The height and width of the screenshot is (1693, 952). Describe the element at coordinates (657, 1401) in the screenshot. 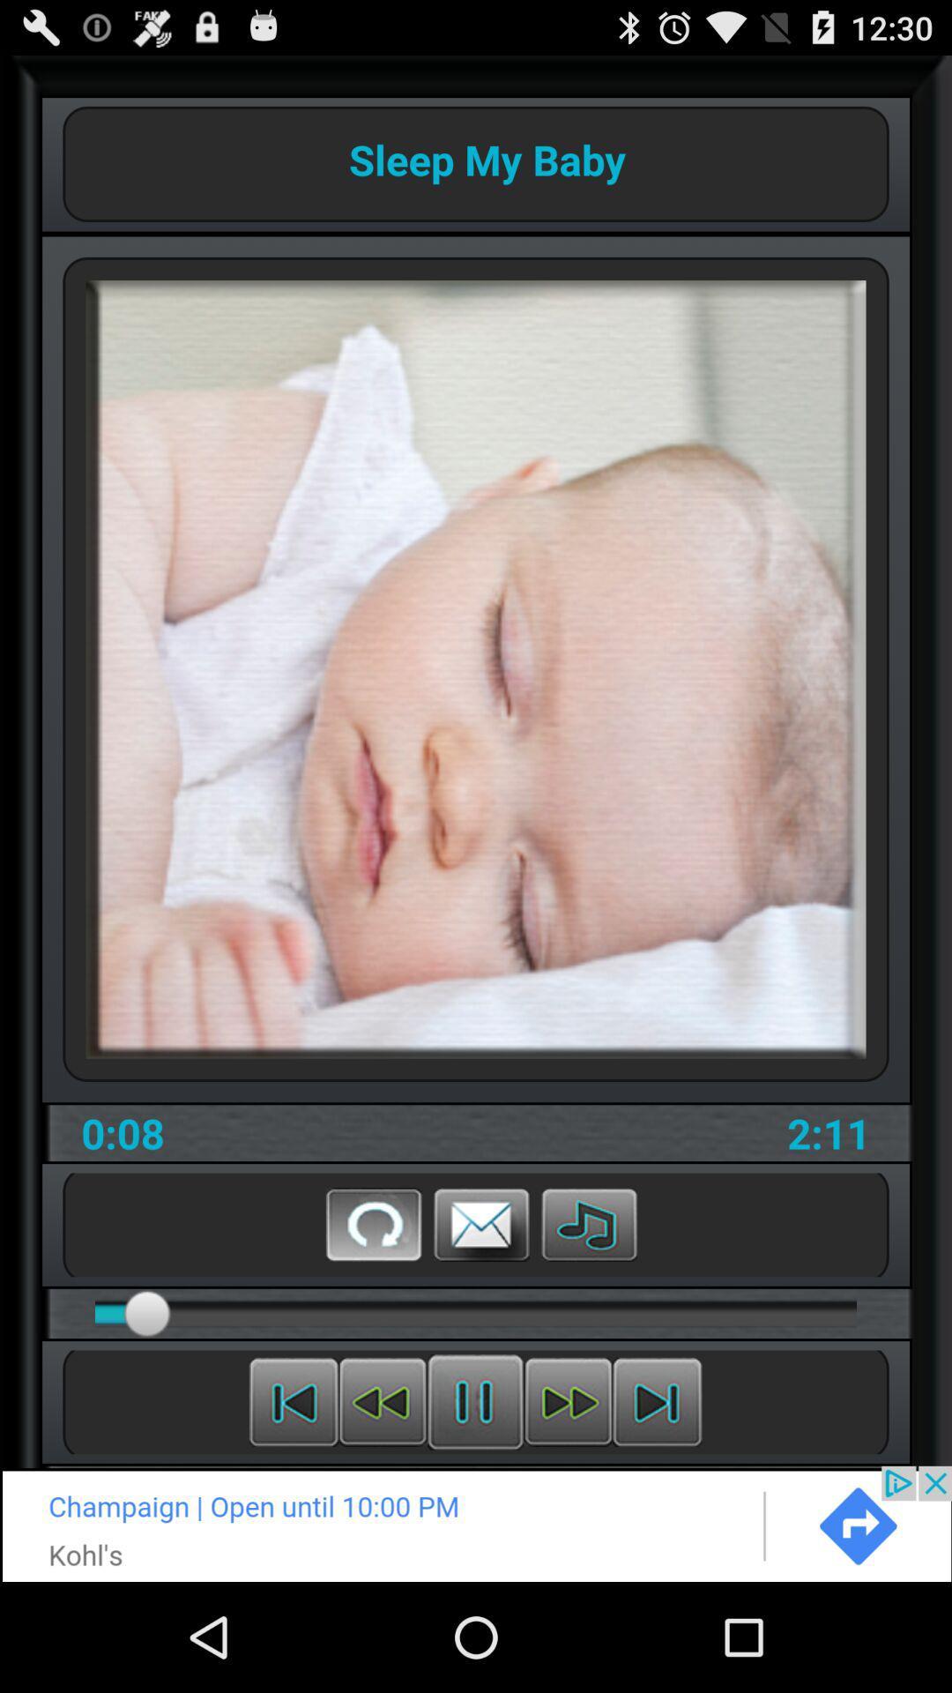

I see `skip` at that location.